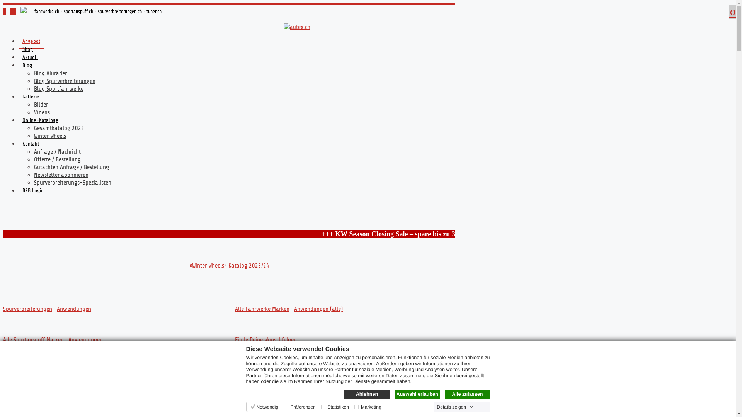 This screenshot has width=742, height=417. Describe the element at coordinates (30, 59) in the screenshot. I see `'Aktuell'` at that location.